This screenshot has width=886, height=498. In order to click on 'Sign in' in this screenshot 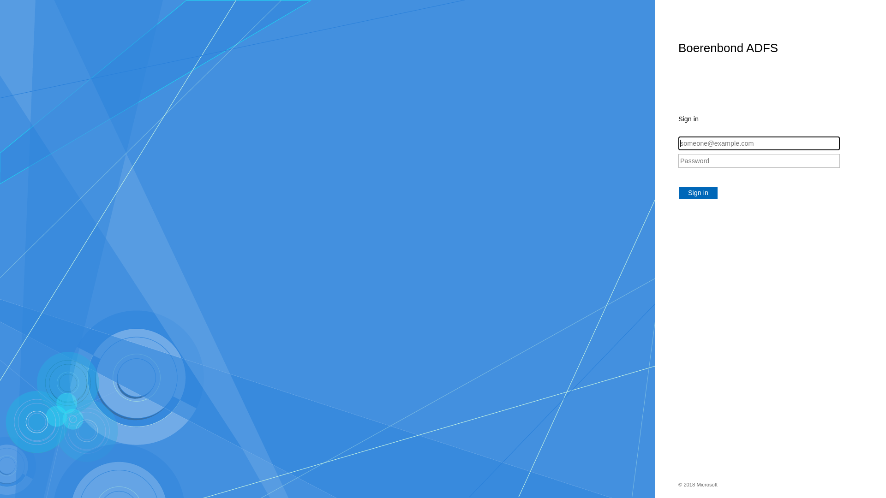, I will do `click(698, 193)`.